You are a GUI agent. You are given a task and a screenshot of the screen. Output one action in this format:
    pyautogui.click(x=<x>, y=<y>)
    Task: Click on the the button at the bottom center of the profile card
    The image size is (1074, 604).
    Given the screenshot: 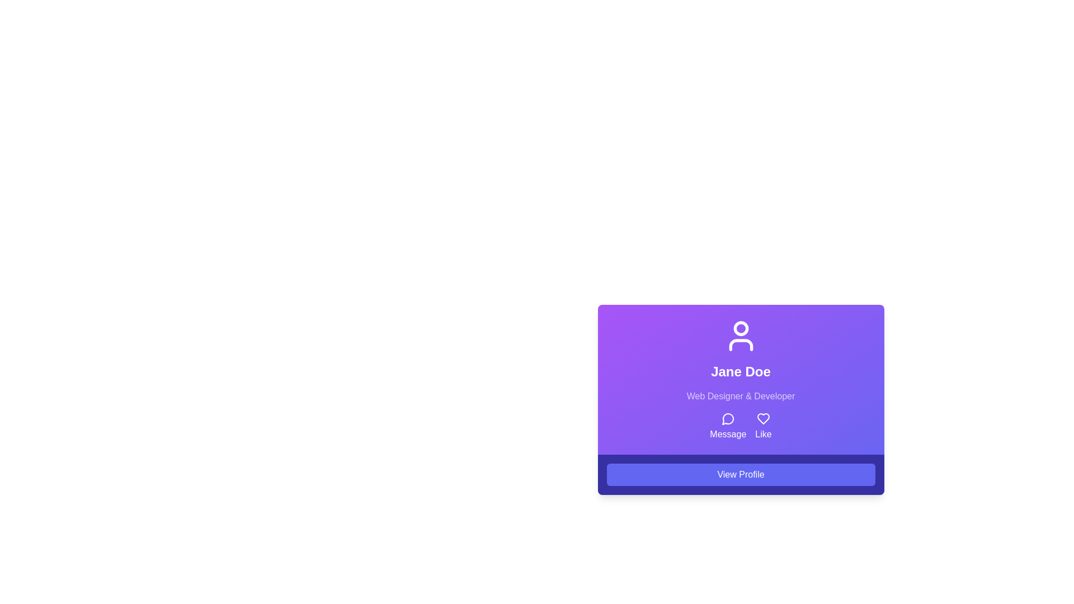 What is the action you would take?
    pyautogui.click(x=741, y=474)
    